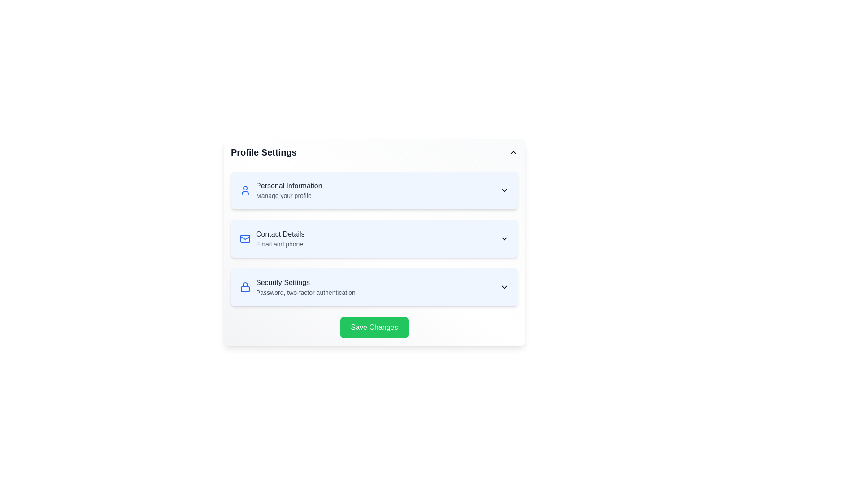 This screenshot has width=861, height=484. What do you see at coordinates (245, 285) in the screenshot?
I see `upper arc of the lock symbol styled with a blue stroke located in the Security Settings section of the interface by using developer tools` at bounding box center [245, 285].